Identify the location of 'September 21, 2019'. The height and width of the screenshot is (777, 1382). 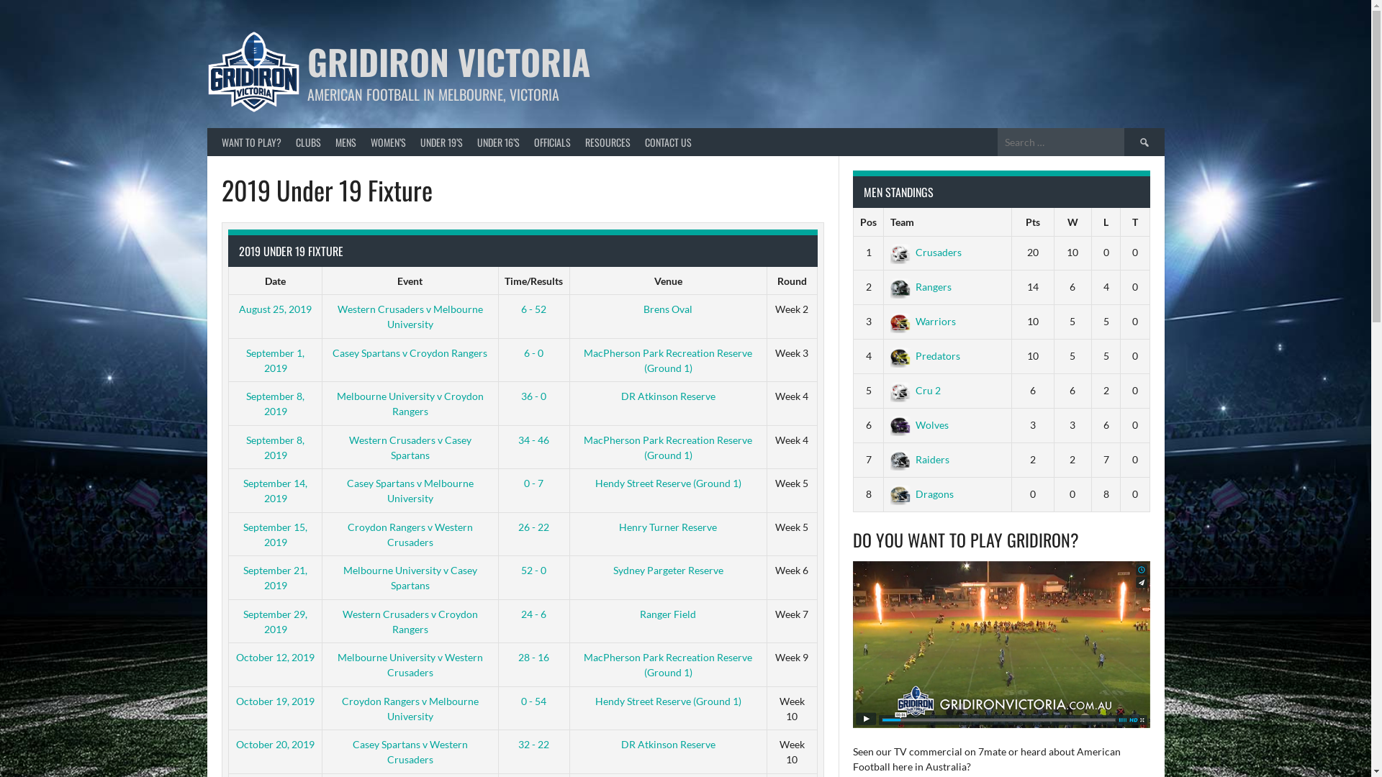
(243, 576).